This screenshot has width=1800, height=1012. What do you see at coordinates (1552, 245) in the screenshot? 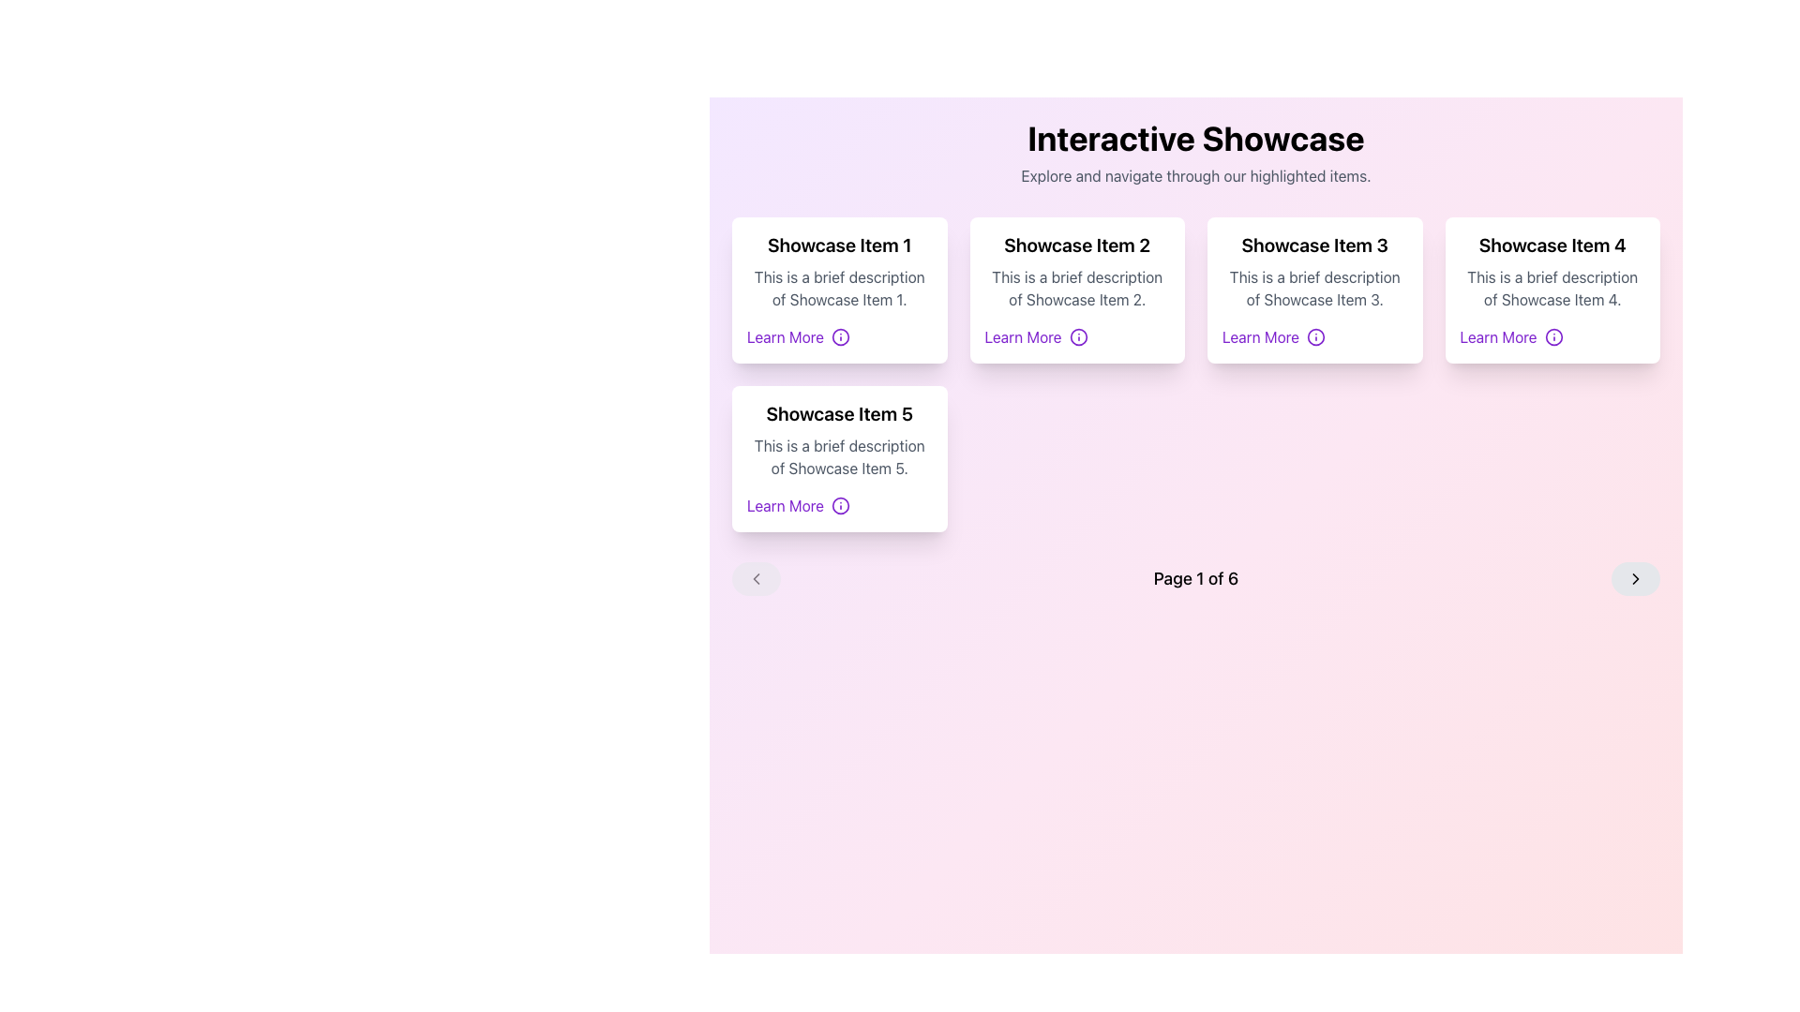
I see `the Text Label that serves as the title for 'Showcase Item 4', located at the upper center of the card in the top-right corner of the grid` at bounding box center [1552, 245].